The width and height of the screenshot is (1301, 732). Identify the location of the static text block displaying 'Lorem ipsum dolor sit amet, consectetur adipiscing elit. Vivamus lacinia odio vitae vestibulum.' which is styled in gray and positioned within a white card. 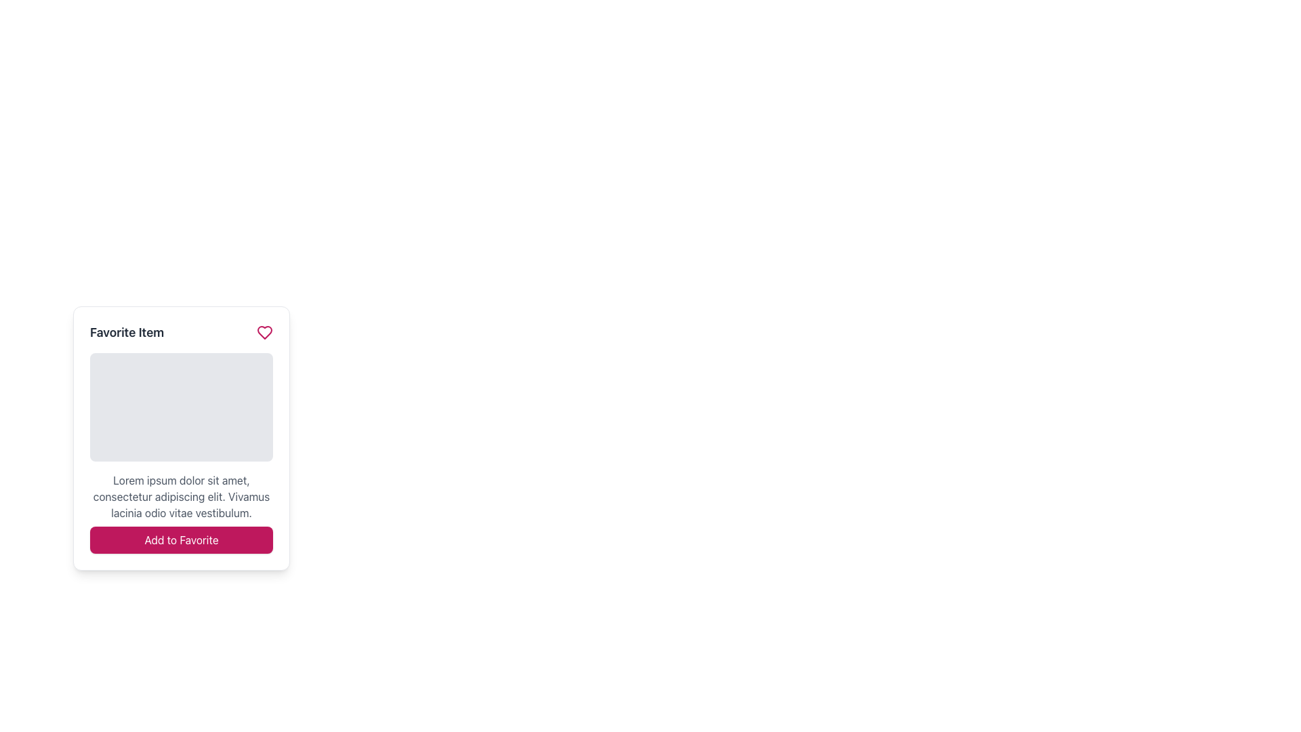
(181, 496).